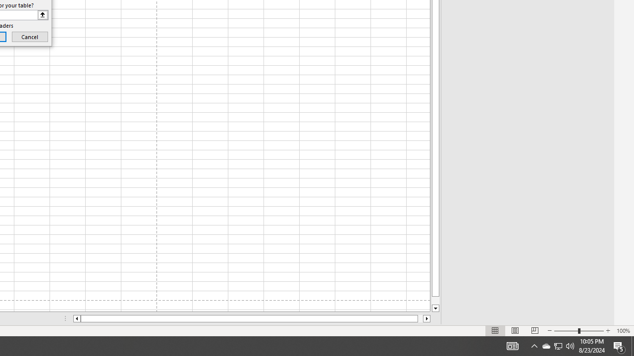  Describe the element at coordinates (566, 331) in the screenshot. I see `'Zoom Out'` at that location.